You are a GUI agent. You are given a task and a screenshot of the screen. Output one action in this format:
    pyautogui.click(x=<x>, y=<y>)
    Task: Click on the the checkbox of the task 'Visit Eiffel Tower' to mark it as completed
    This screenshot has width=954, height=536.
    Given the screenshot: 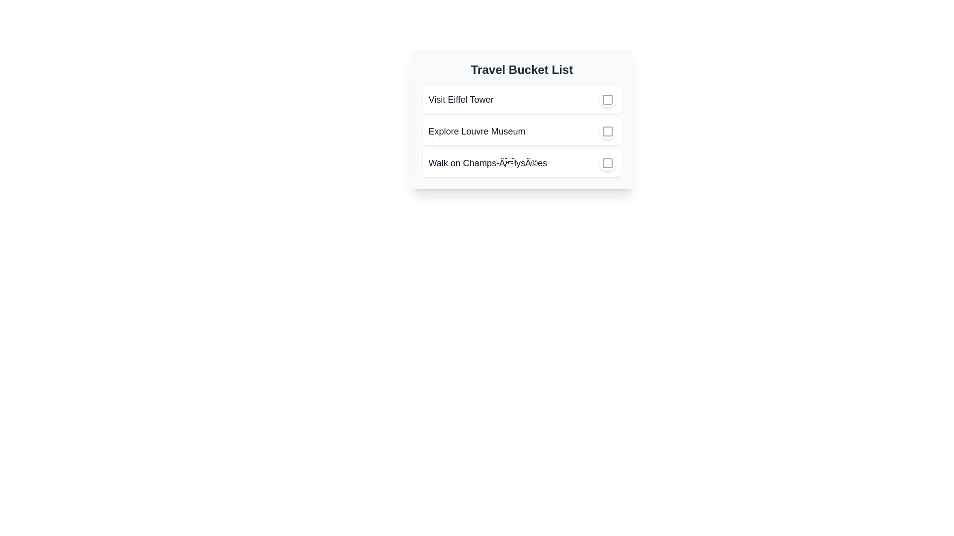 What is the action you would take?
    pyautogui.click(x=607, y=99)
    